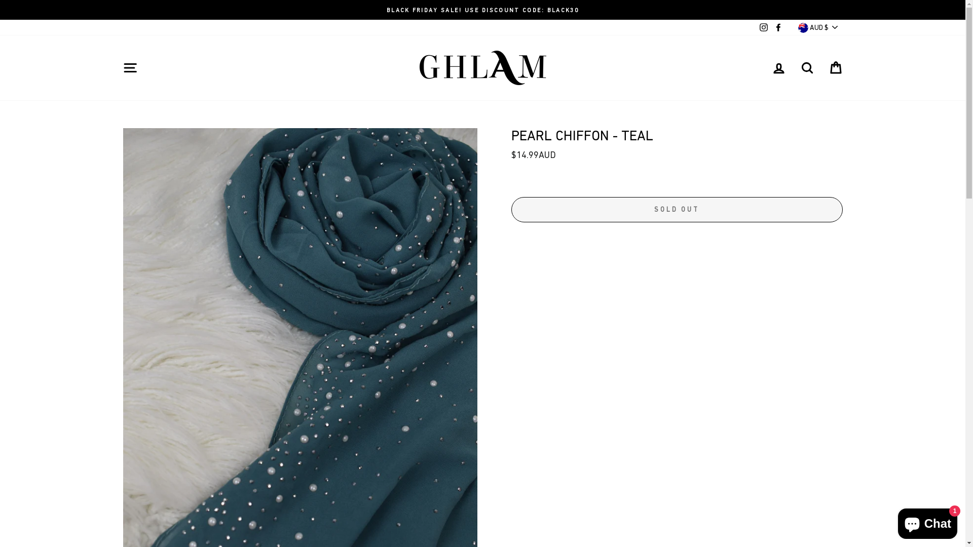 The height and width of the screenshot is (547, 973). What do you see at coordinates (764, 27) in the screenshot?
I see `'Instagram'` at bounding box center [764, 27].